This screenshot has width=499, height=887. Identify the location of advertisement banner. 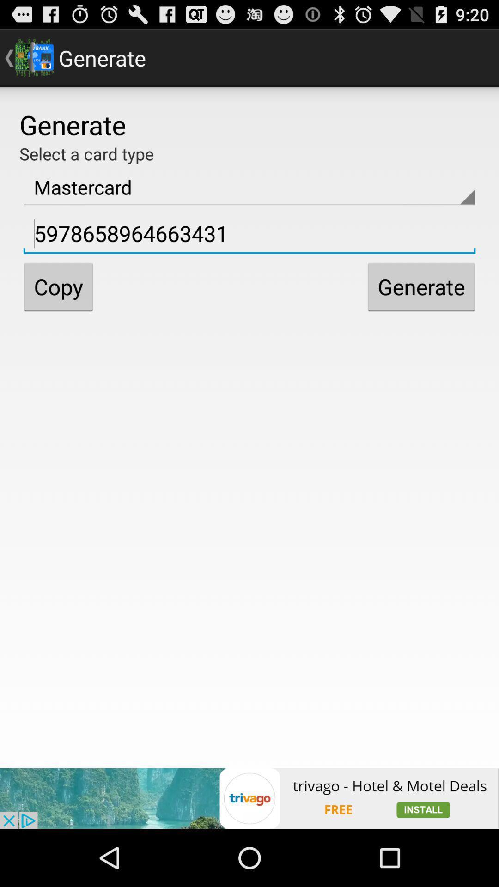
(249, 798).